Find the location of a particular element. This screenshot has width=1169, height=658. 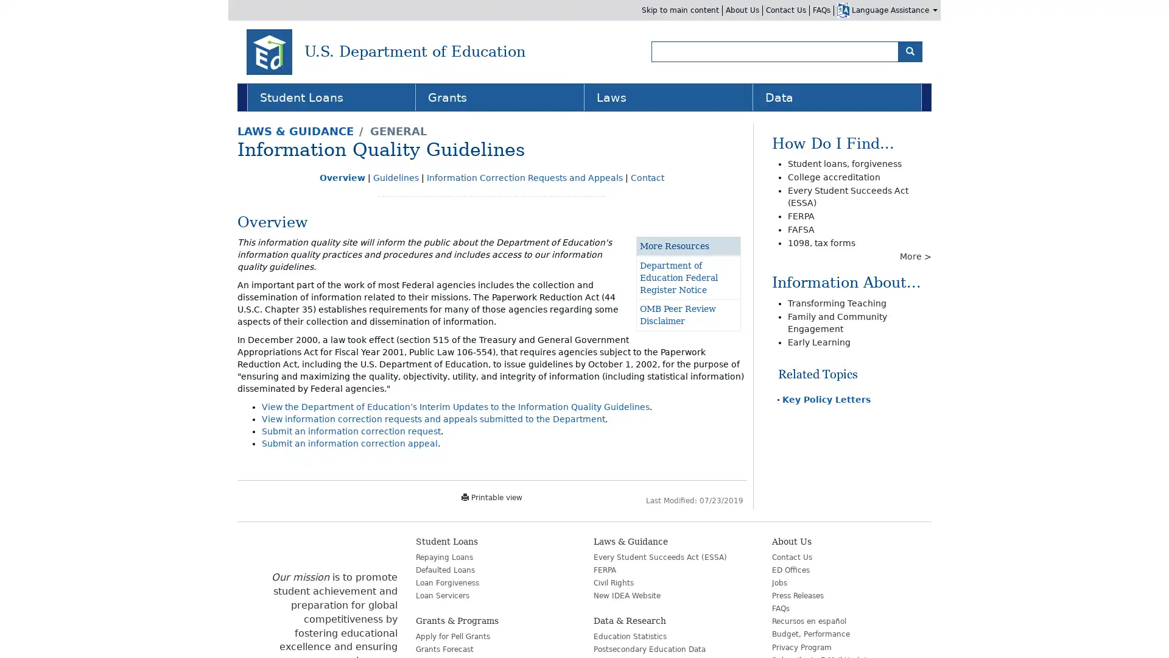

Search is located at coordinates (910, 51).